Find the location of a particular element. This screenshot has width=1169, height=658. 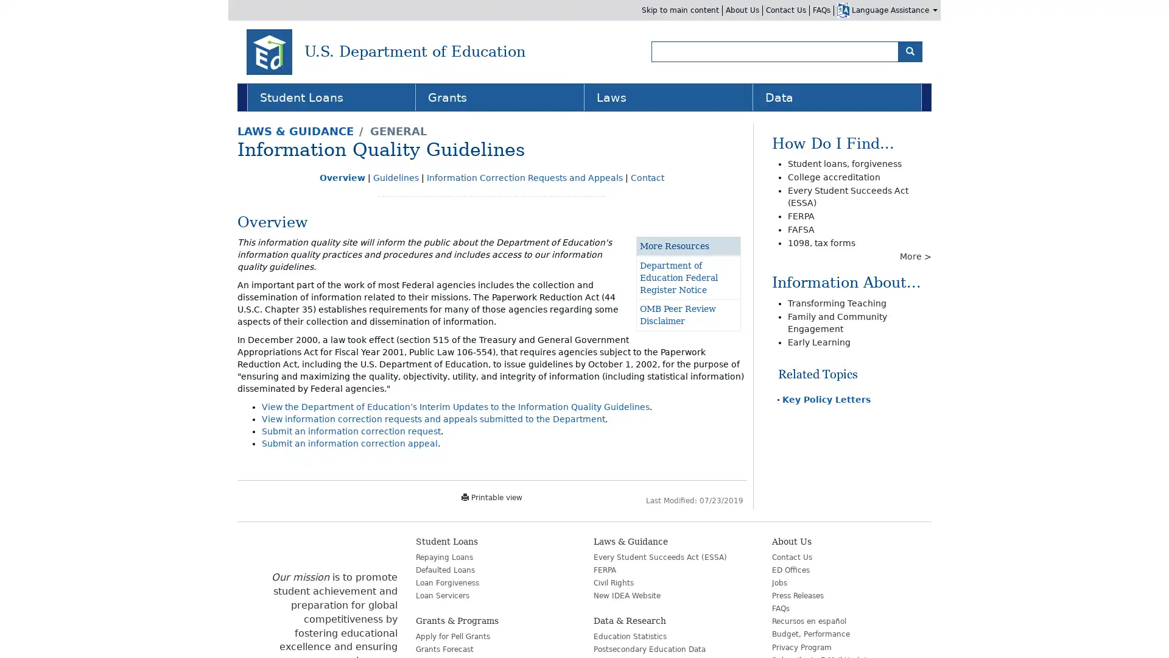

Search is located at coordinates (910, 51).